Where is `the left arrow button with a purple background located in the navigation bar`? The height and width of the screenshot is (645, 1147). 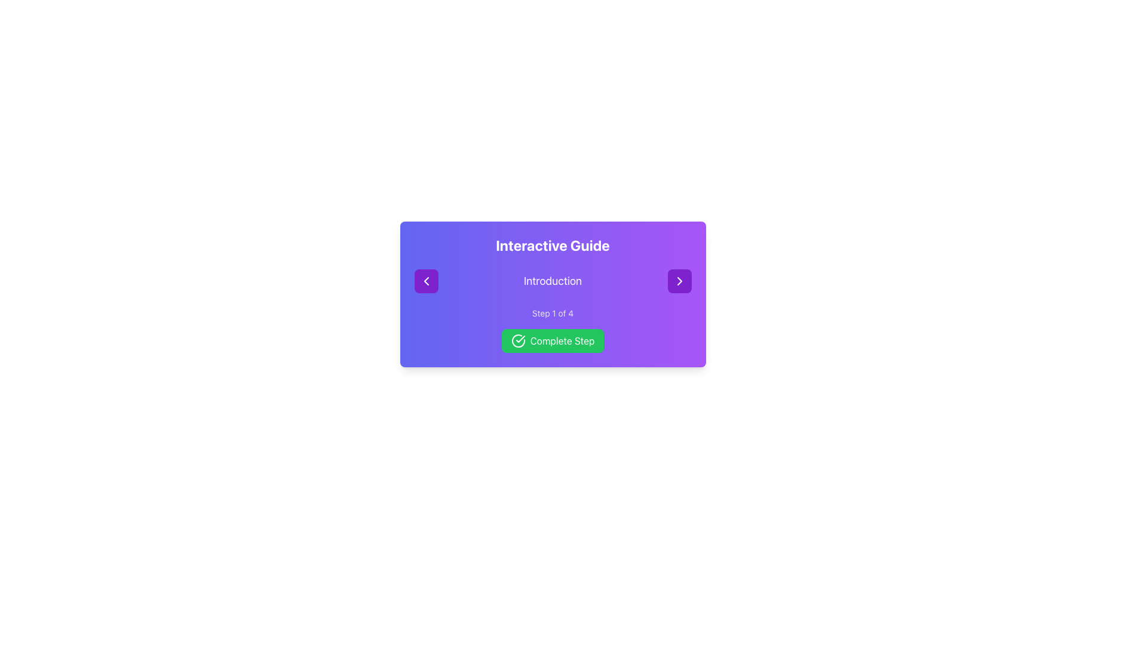 the left arrow button with a purple background located in the navigation bar is located at coordinates (426, 281).